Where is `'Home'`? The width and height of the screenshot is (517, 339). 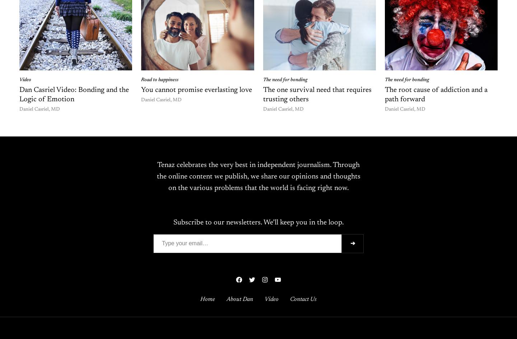 'Home' is located at coordinates (200, 299).